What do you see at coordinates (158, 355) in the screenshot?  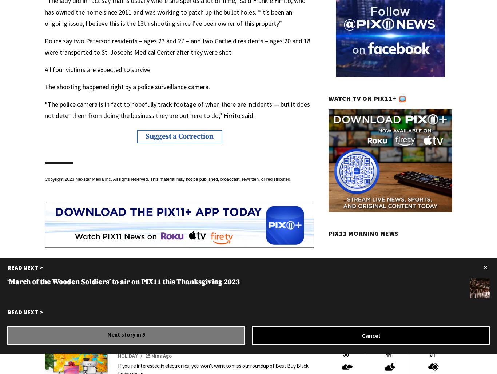 I see `'25 mins ago'` at bounding box center [158, 355].